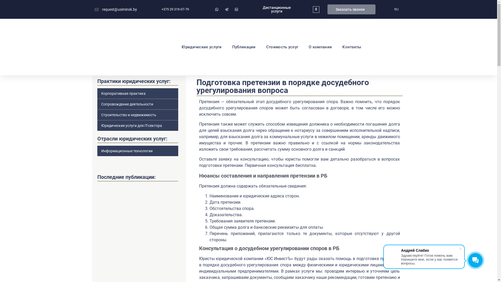 The height and width of the screenshot is (282, 501). I want to click on 'request@usiminsk.by', so click(115, 9).